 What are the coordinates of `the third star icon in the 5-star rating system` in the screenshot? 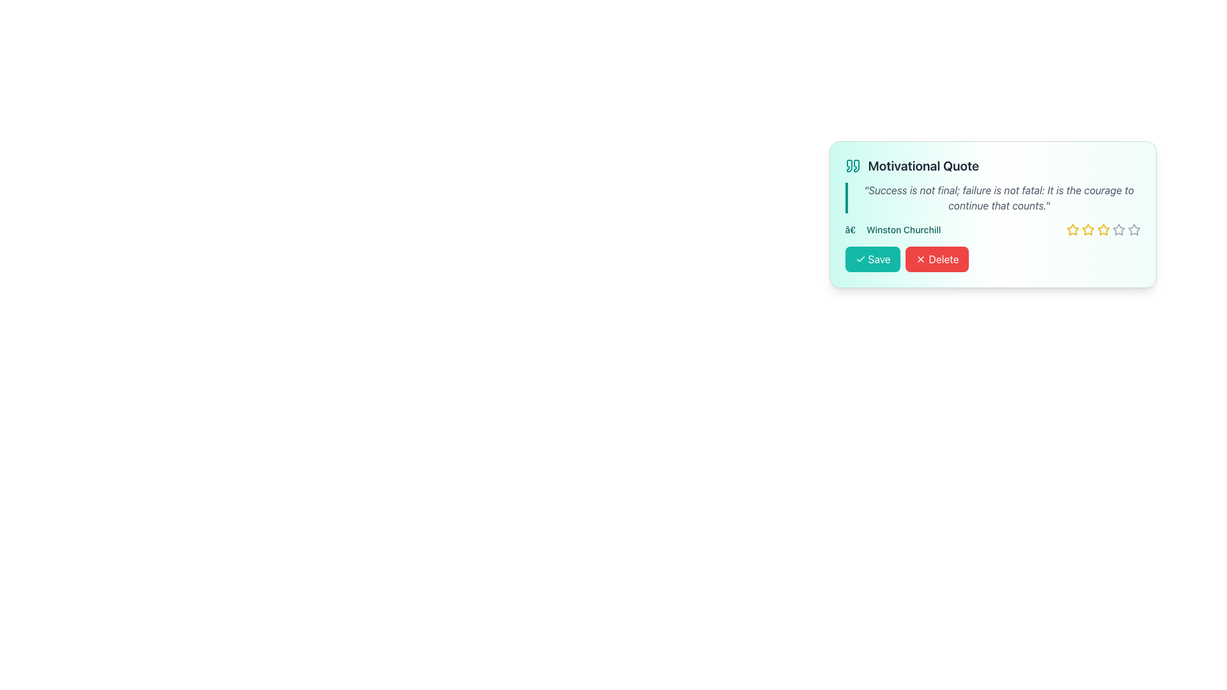 It's located at (1102, 229).